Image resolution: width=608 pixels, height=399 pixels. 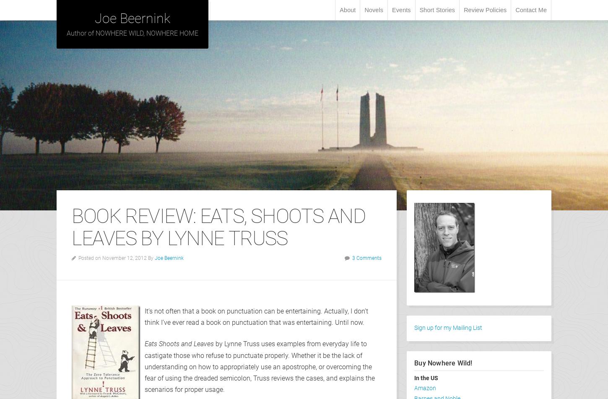 I want to click on 'In the US', so click(x=426, y=378).